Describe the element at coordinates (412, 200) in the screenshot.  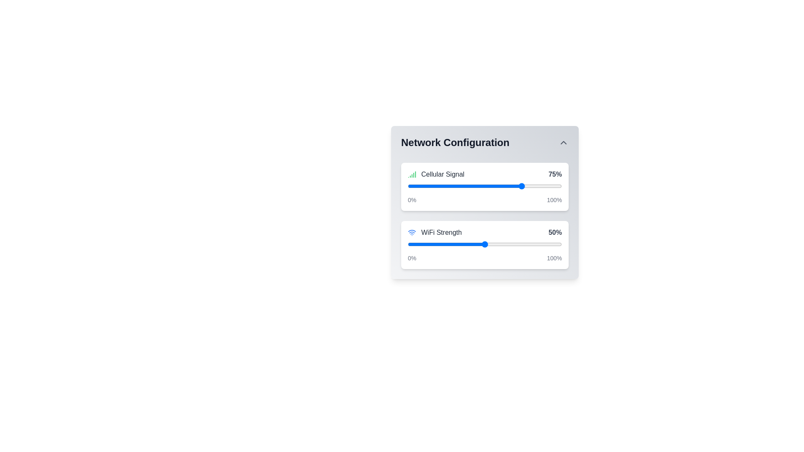
I see `the label displaying '0%' which is styled in a small gray font and is located on the left side of the WiFi Strength section` at that location.